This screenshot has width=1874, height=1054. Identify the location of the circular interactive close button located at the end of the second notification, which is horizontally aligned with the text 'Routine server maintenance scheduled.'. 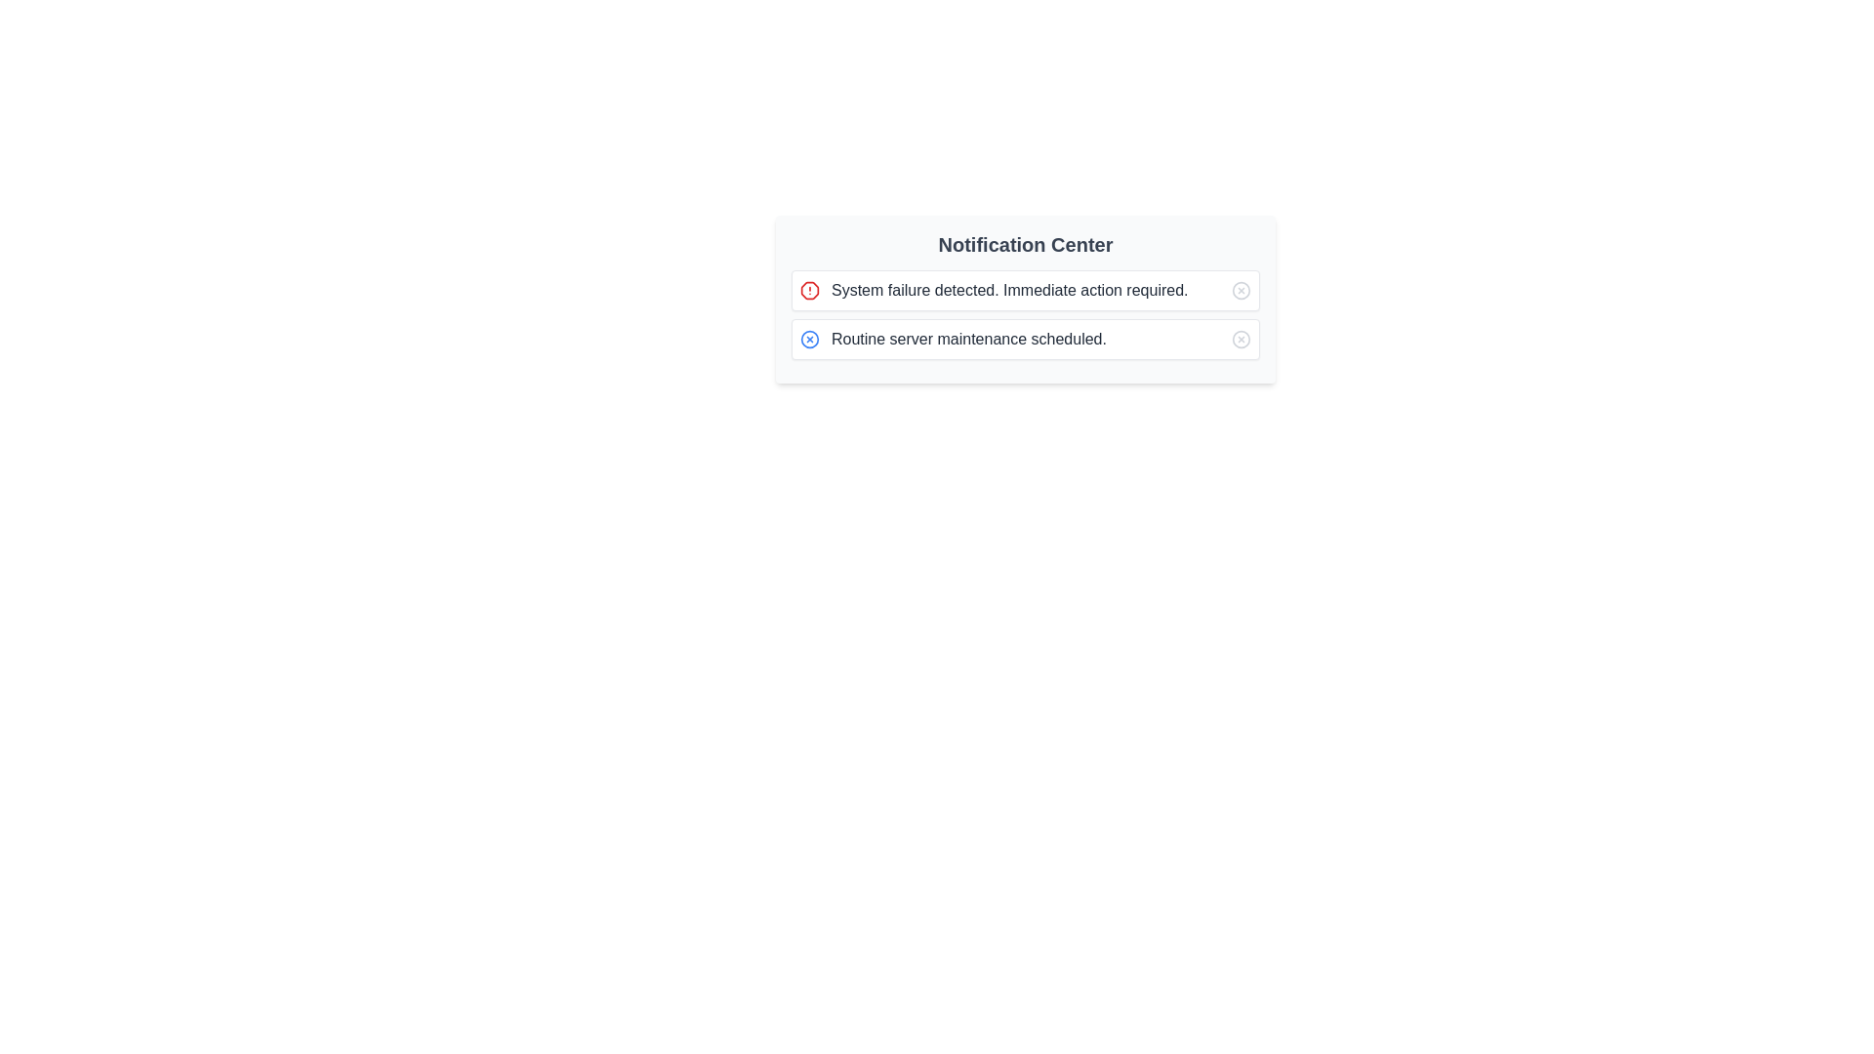
(1241, 338).